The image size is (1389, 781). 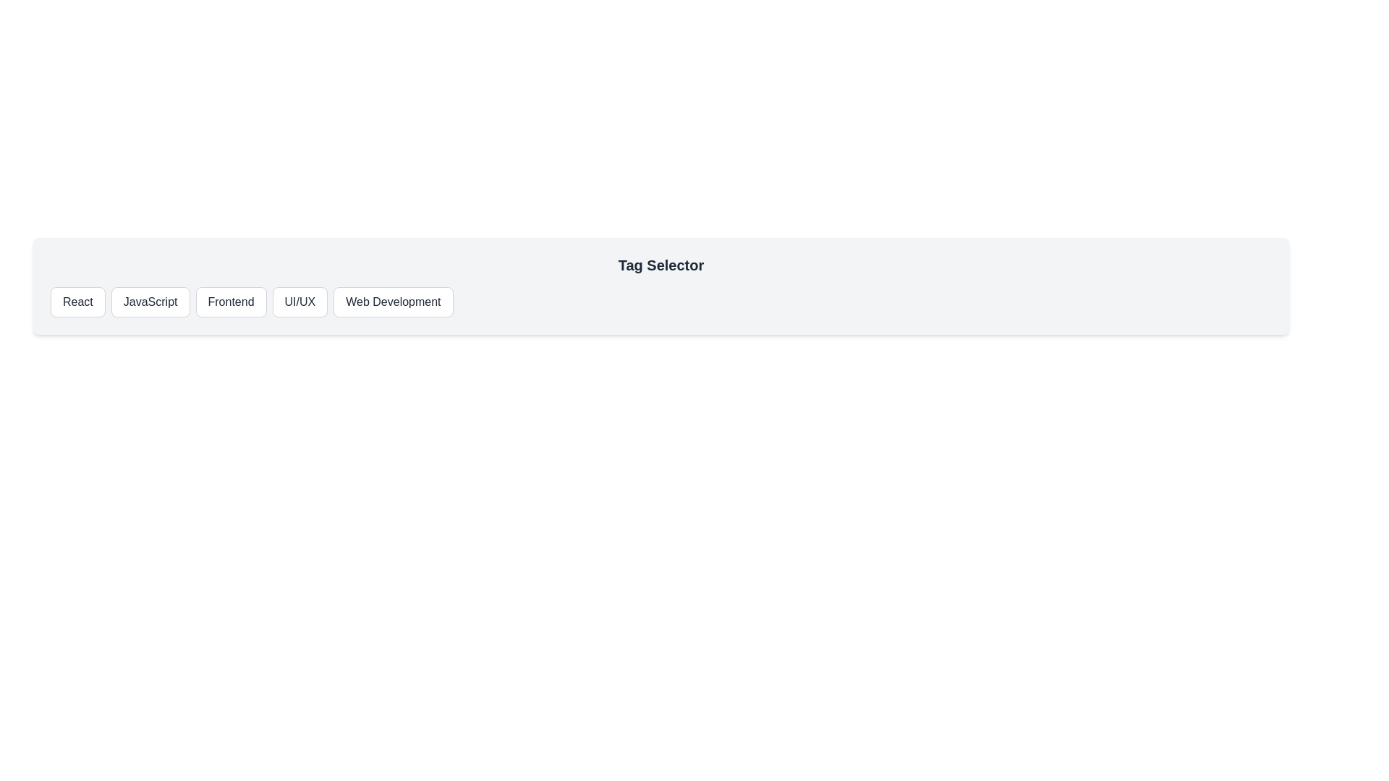 What do you see at coordinates (77, 301) in the screenshot?
I see `the tag button labeled React to select it and view the selected tag displayed below` at bounding box center [77, 301].